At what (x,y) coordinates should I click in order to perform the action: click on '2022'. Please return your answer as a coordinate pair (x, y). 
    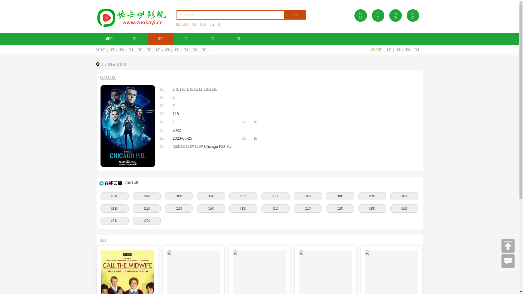
    Looking at the image, I should click on (177, 130).